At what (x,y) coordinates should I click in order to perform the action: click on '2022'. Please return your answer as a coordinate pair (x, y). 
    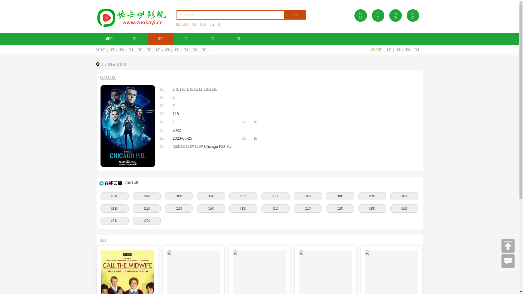
    Looking at the image, I should click on (177, 130).